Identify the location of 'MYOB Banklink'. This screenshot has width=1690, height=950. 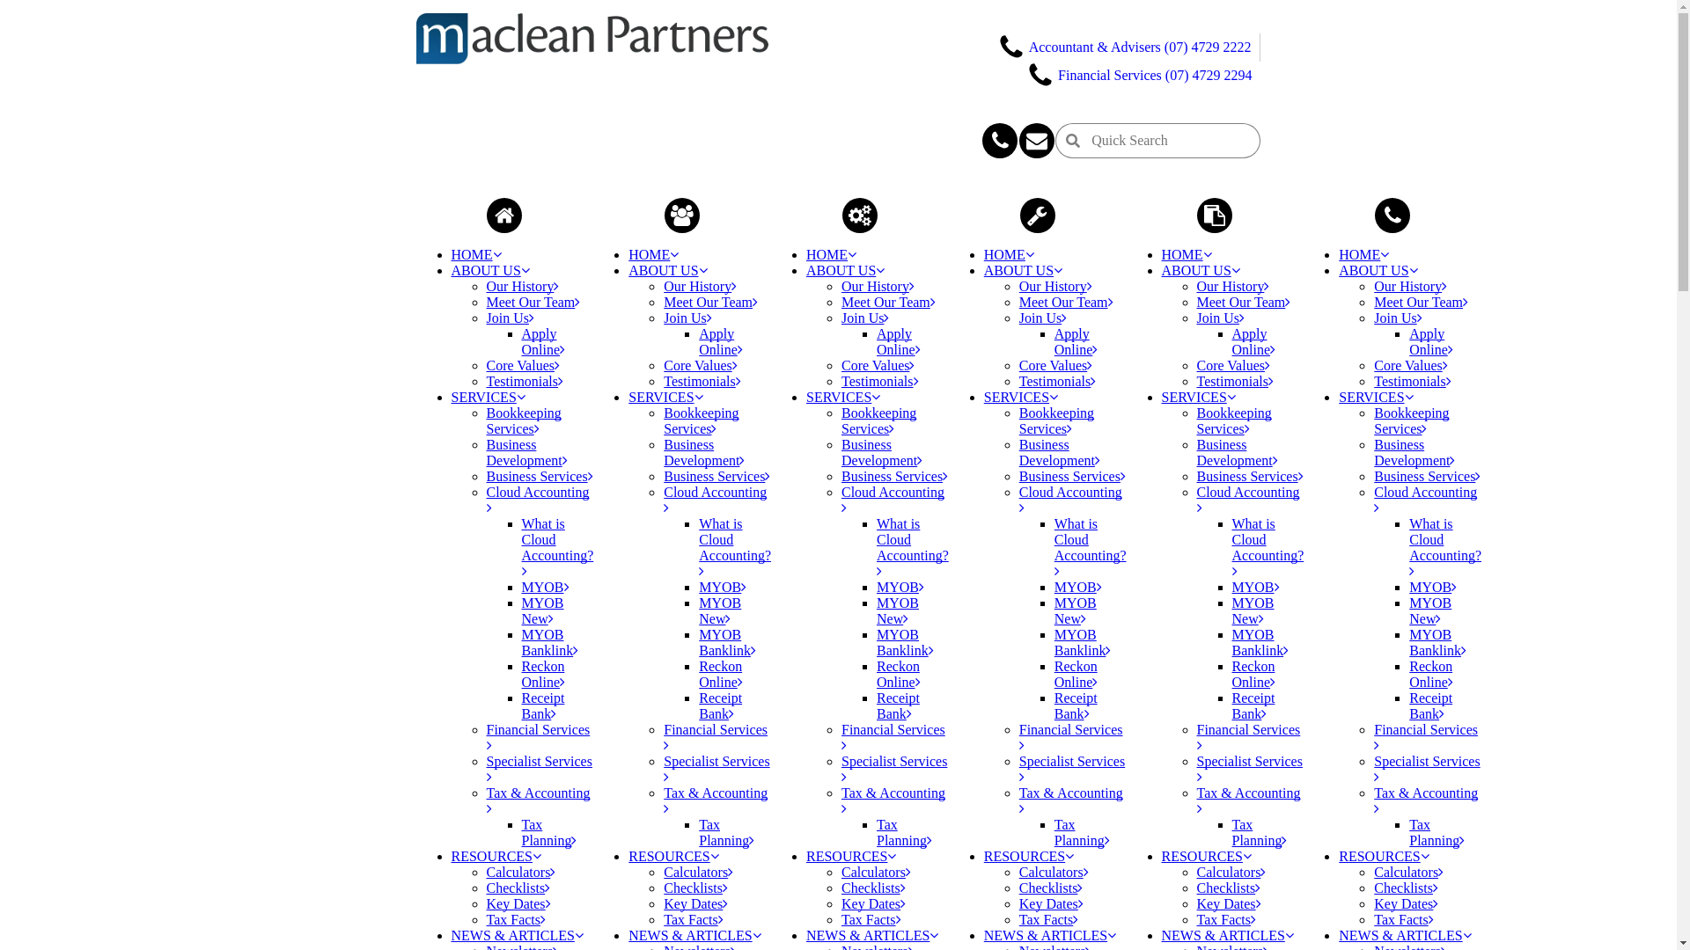
(727, 642).